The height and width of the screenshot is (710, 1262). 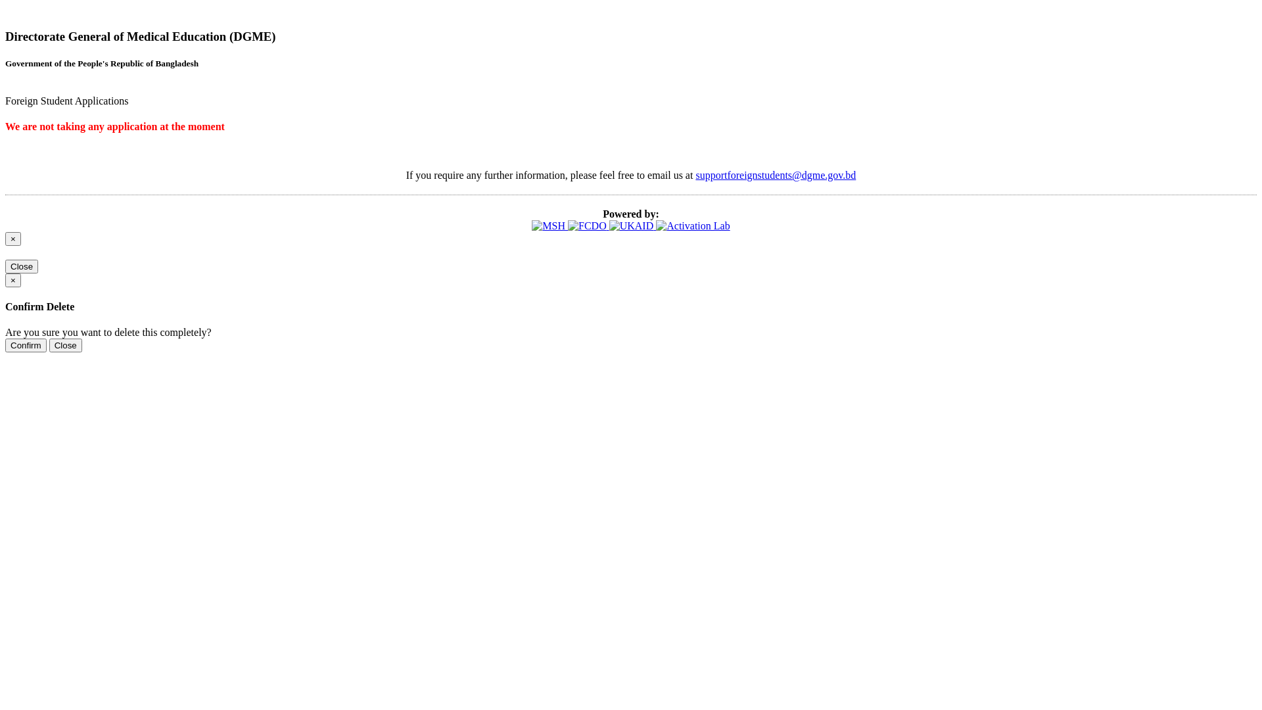 What do you see at coordinates (776, 174) in the screenshot?
I see `'supportforeignstudents@dgme.gov.bd'` at bounding box center [776, 174].